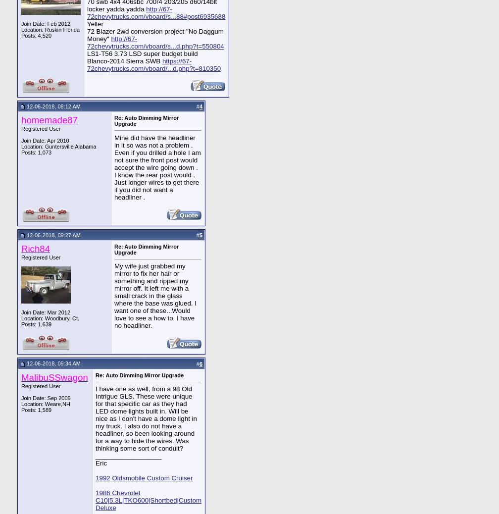 The image size is (499, 514). Describe the element at coordinates (46, 404) in the screenshot. I see `'Location: Weare,NH'` at that location.